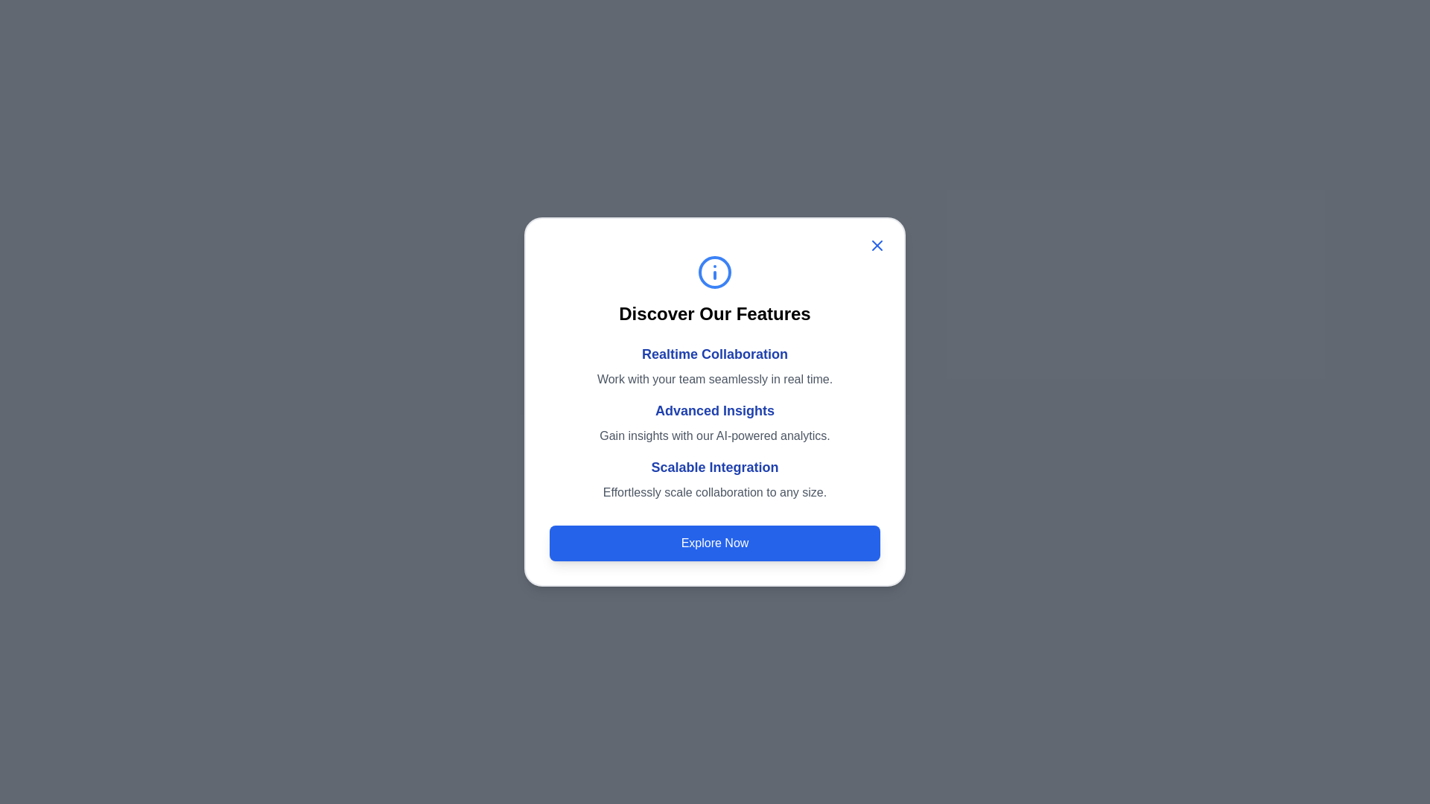  Describe the element at coordinates (715, 366) in the screenshot. I see `the textual feature description block titled 'Realtime Collaboration' which includes a bold blue title and a smaller gray description, positioned in the main modal` at that location.